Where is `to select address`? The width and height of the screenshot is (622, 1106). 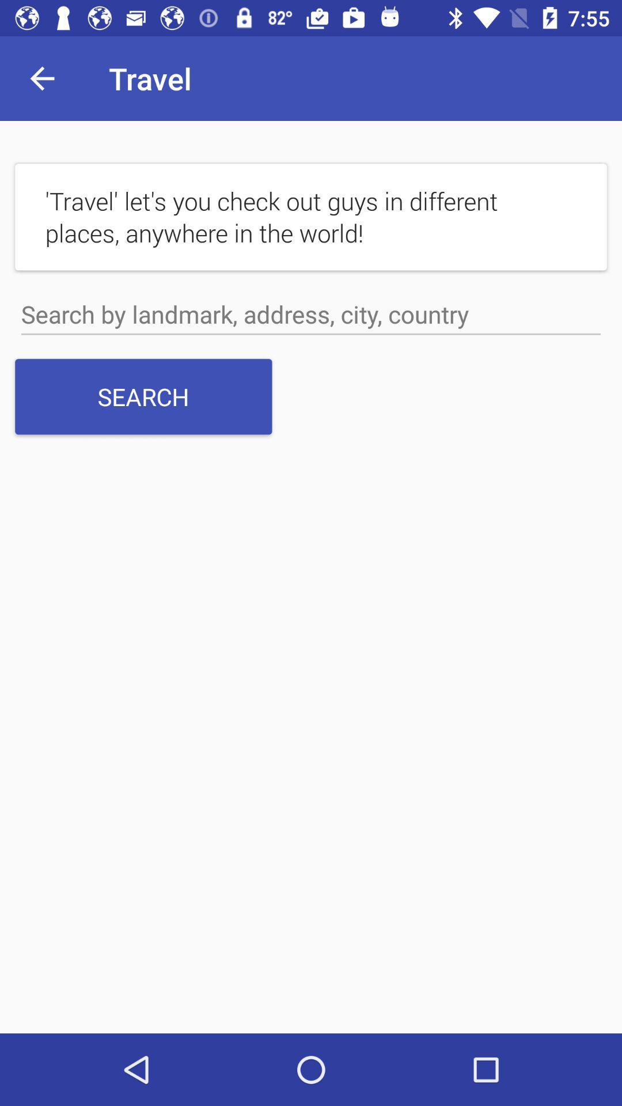
to select address is located at coordinates (311, 315).